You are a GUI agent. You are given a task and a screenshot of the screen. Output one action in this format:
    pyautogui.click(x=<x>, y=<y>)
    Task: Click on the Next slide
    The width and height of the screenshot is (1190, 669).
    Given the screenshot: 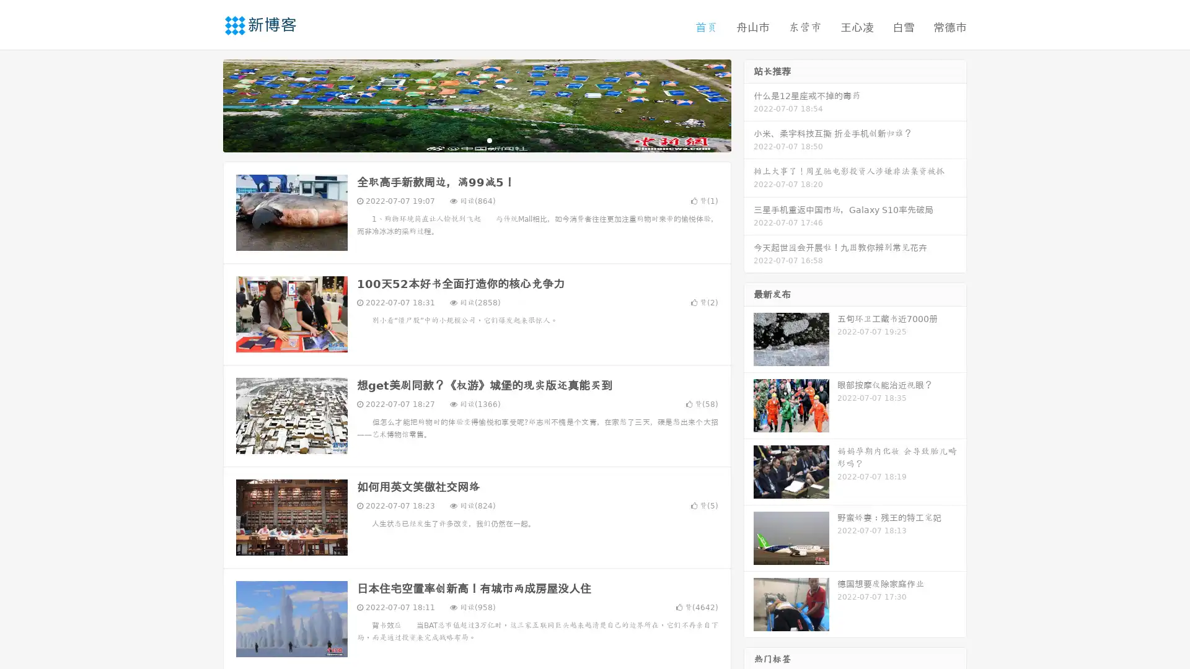 What is the action you would take?
    pyautogui.click(x=749, y=104)
    